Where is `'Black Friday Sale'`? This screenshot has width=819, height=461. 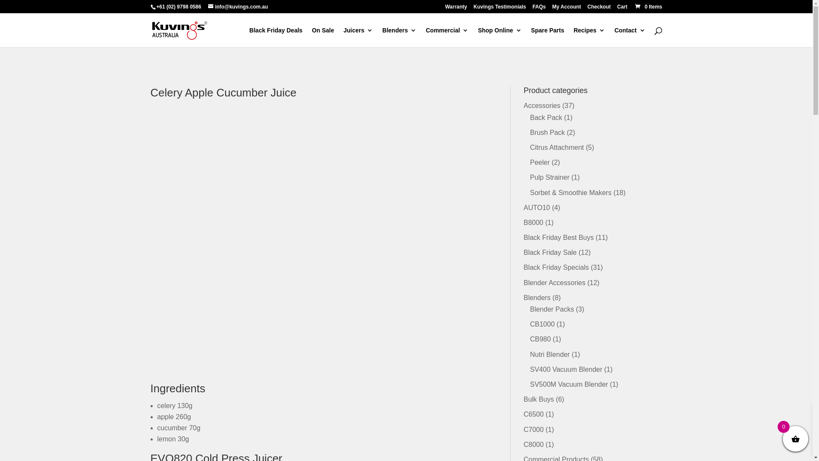
'Black Friday Sale' is located at coordinates (550, 252).